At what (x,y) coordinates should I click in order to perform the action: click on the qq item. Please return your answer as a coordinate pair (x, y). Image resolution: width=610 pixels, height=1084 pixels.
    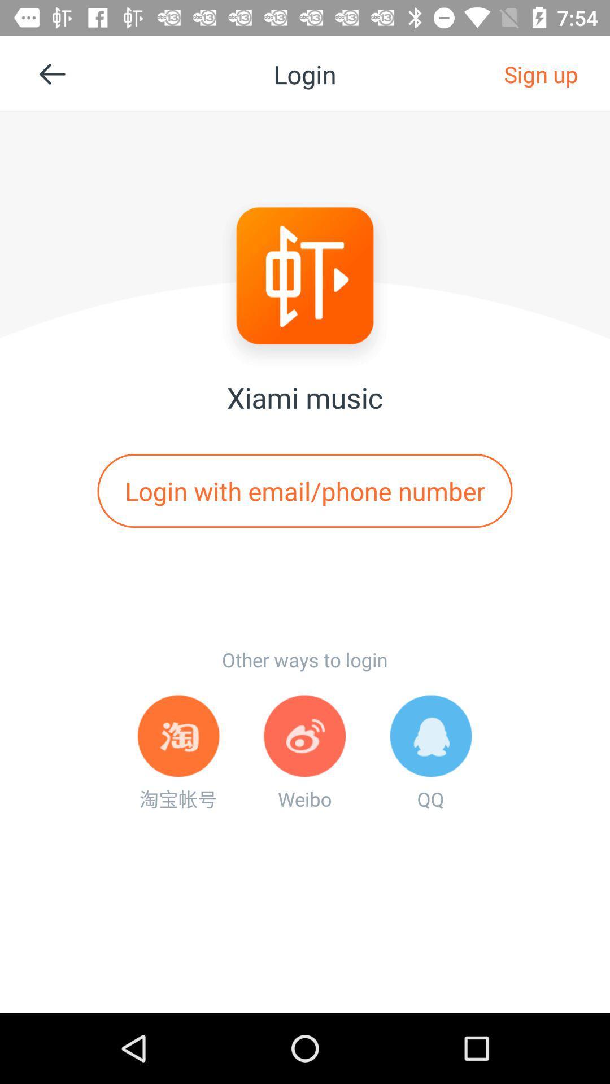
    Looking at the image, I should click on (431, 753).